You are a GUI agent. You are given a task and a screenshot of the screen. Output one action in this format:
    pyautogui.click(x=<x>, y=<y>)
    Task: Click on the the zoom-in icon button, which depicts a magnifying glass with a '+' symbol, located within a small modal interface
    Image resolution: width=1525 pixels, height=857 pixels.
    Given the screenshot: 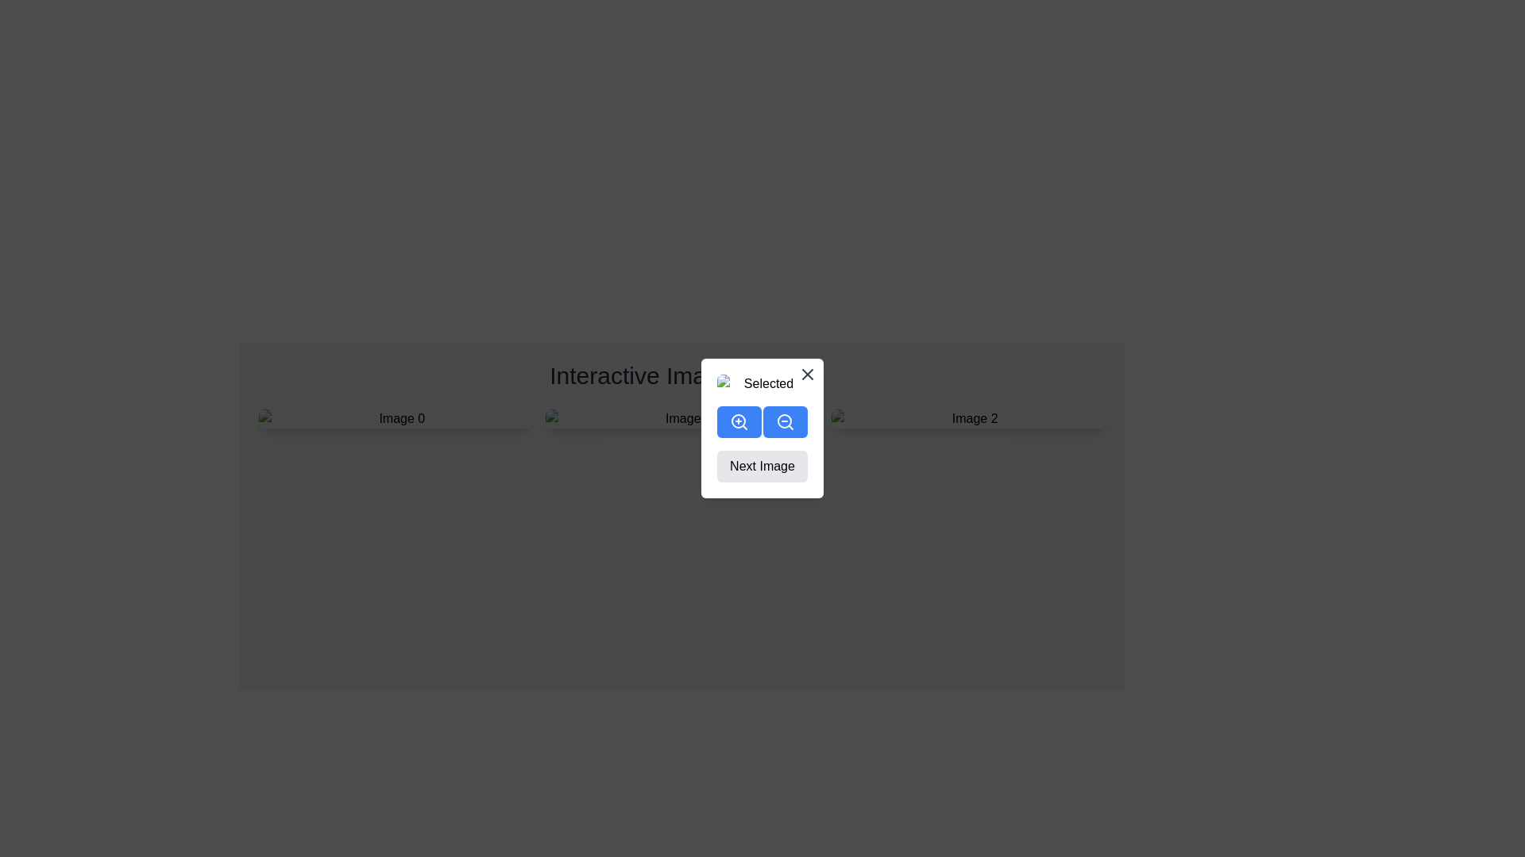 What is the action you would take?
    pyautogui.click(x=739, y=421)
    